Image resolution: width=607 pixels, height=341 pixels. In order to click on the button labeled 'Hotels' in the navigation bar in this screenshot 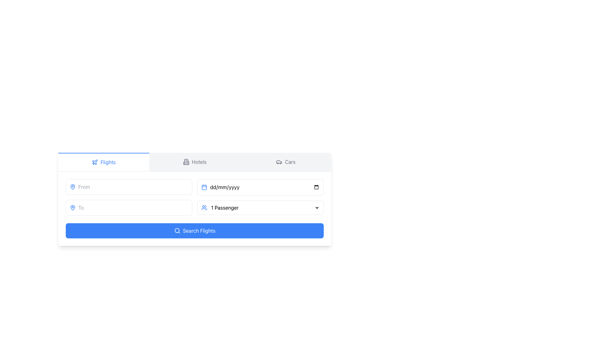, I will do `click(194, 162)`.